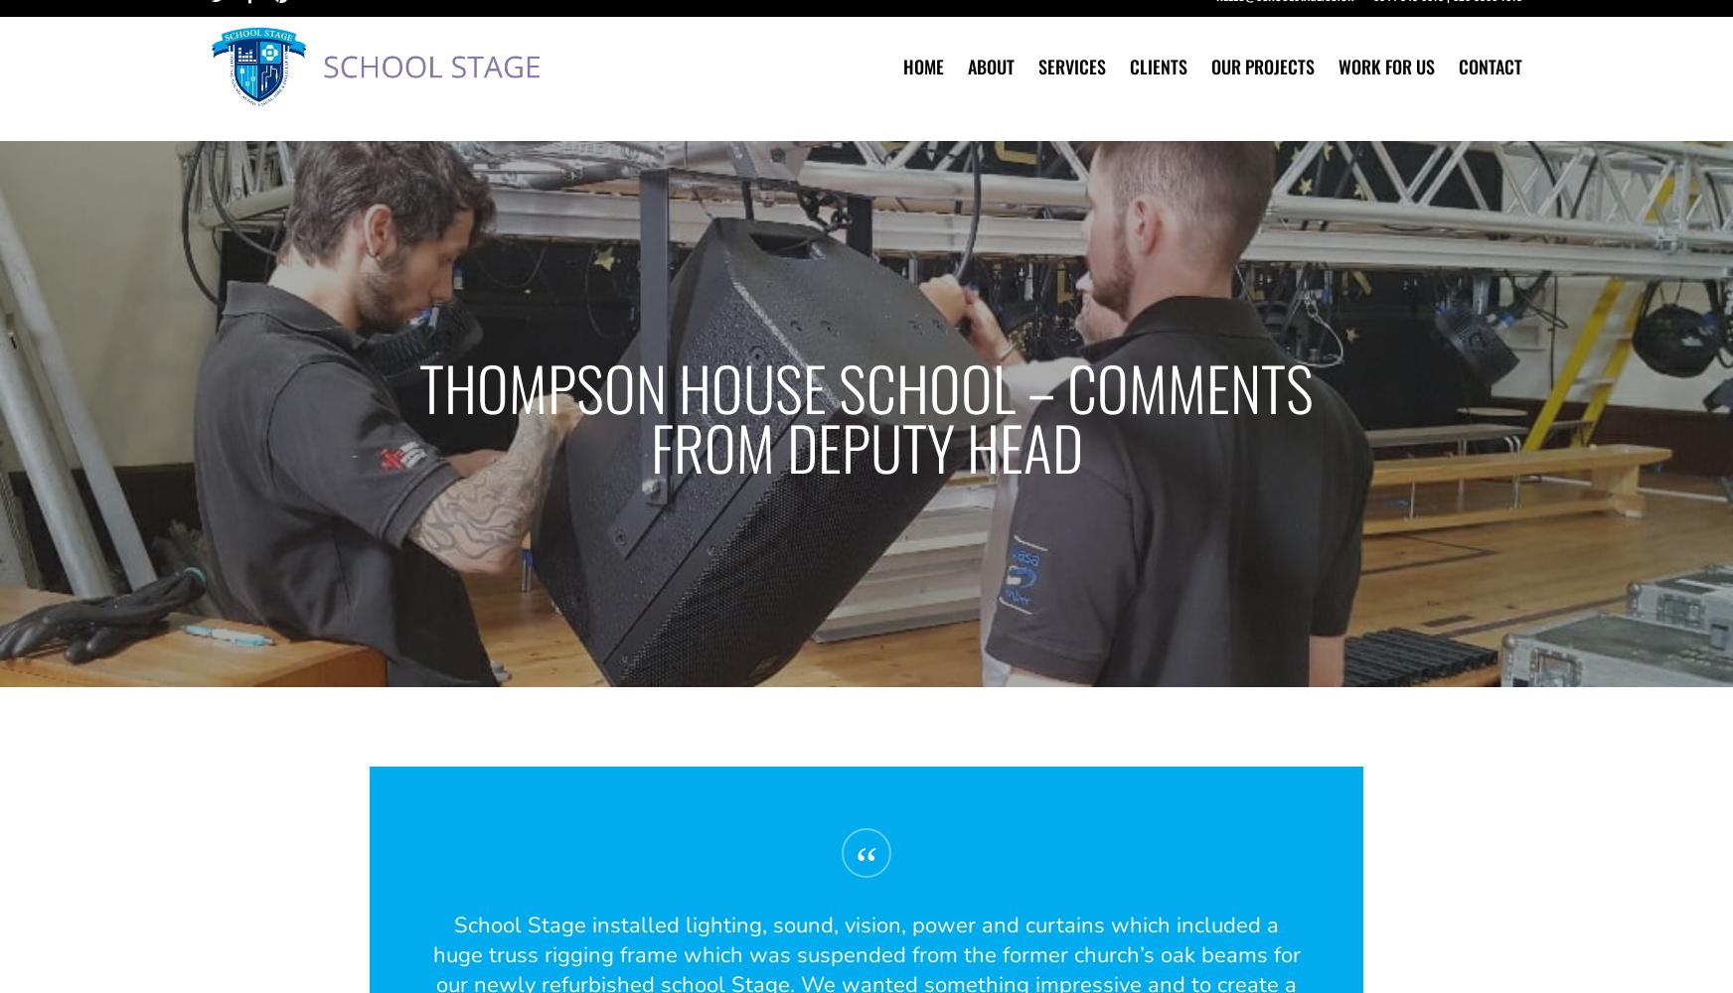 This screenshot has width=1733, height=993. I want to click on 'Clients', so click(1158, 90).